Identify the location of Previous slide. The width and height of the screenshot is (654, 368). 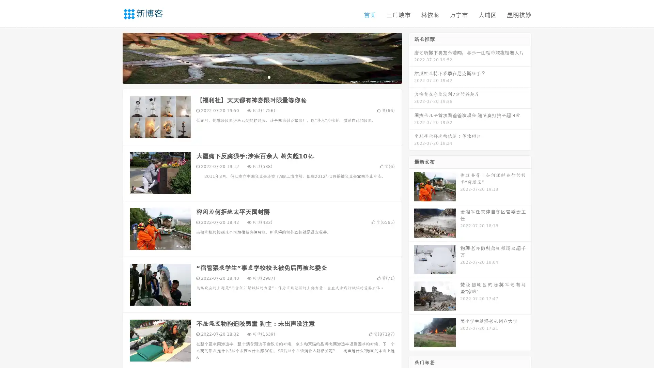
(112, 57).